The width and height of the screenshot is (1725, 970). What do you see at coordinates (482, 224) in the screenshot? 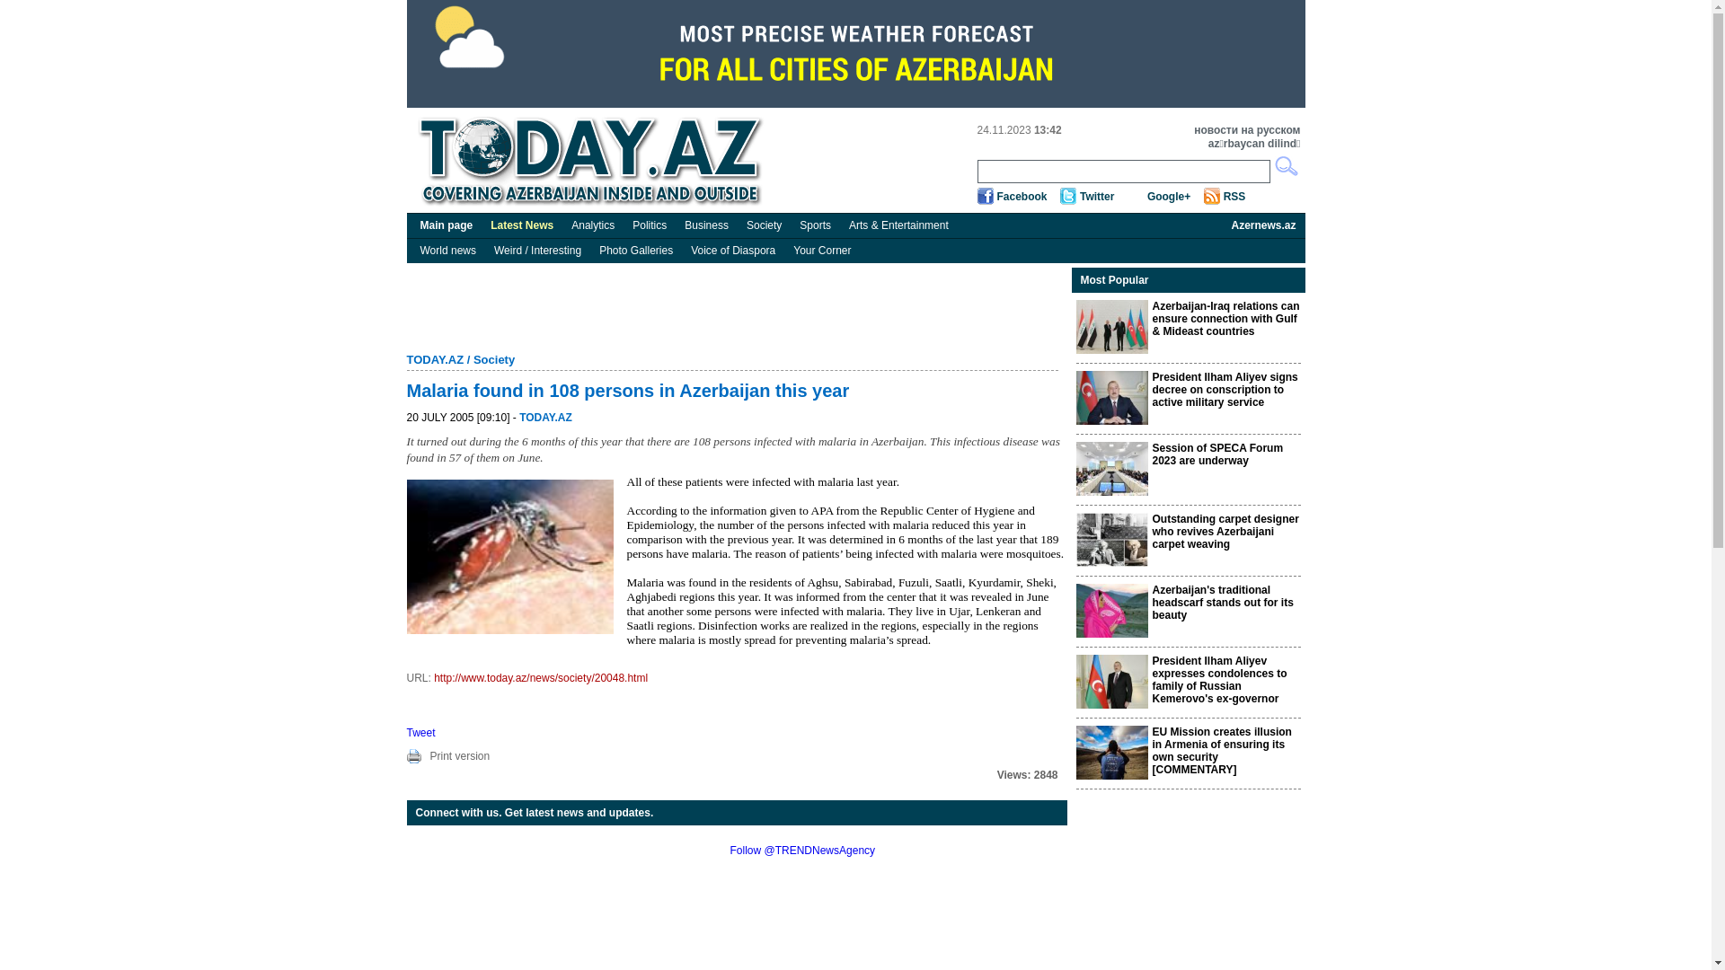
I see `'Latest News'` at bounding box center [482, 224].